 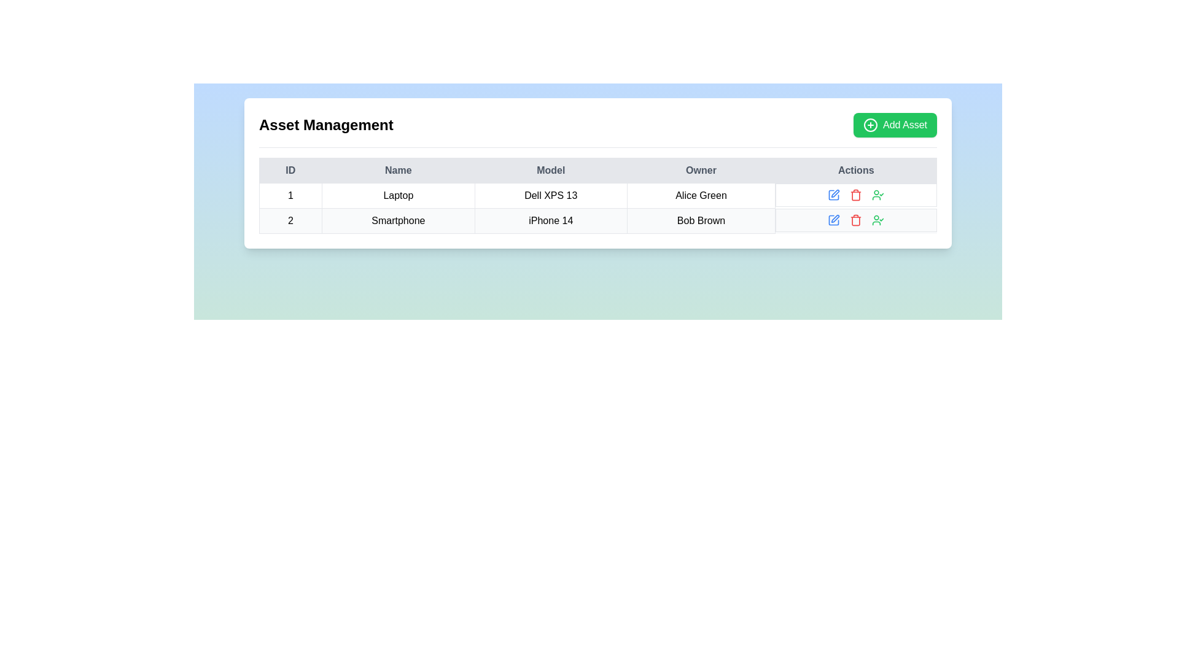 I want to click on the red trash icon in the second row of the 'Actions' column to initiate the delete action, so click(x=855, y=194).